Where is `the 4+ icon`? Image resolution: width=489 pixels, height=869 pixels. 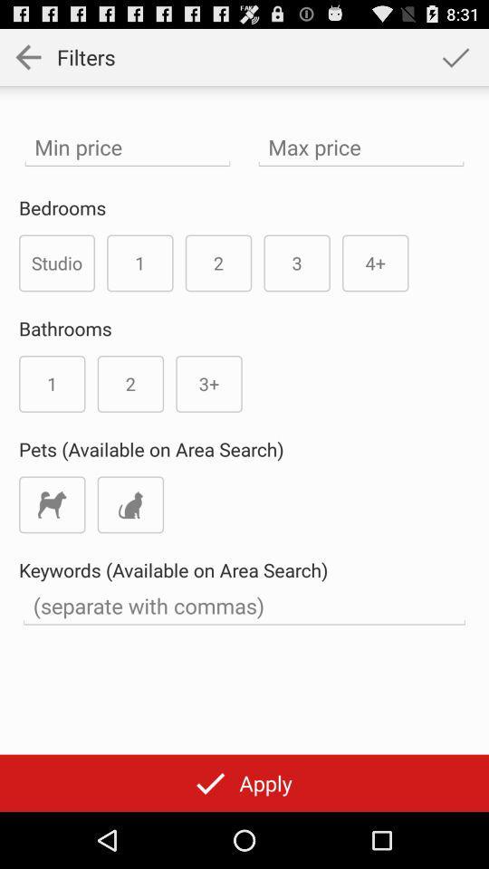 the 4+ icon is located at coordinates (374, 262).